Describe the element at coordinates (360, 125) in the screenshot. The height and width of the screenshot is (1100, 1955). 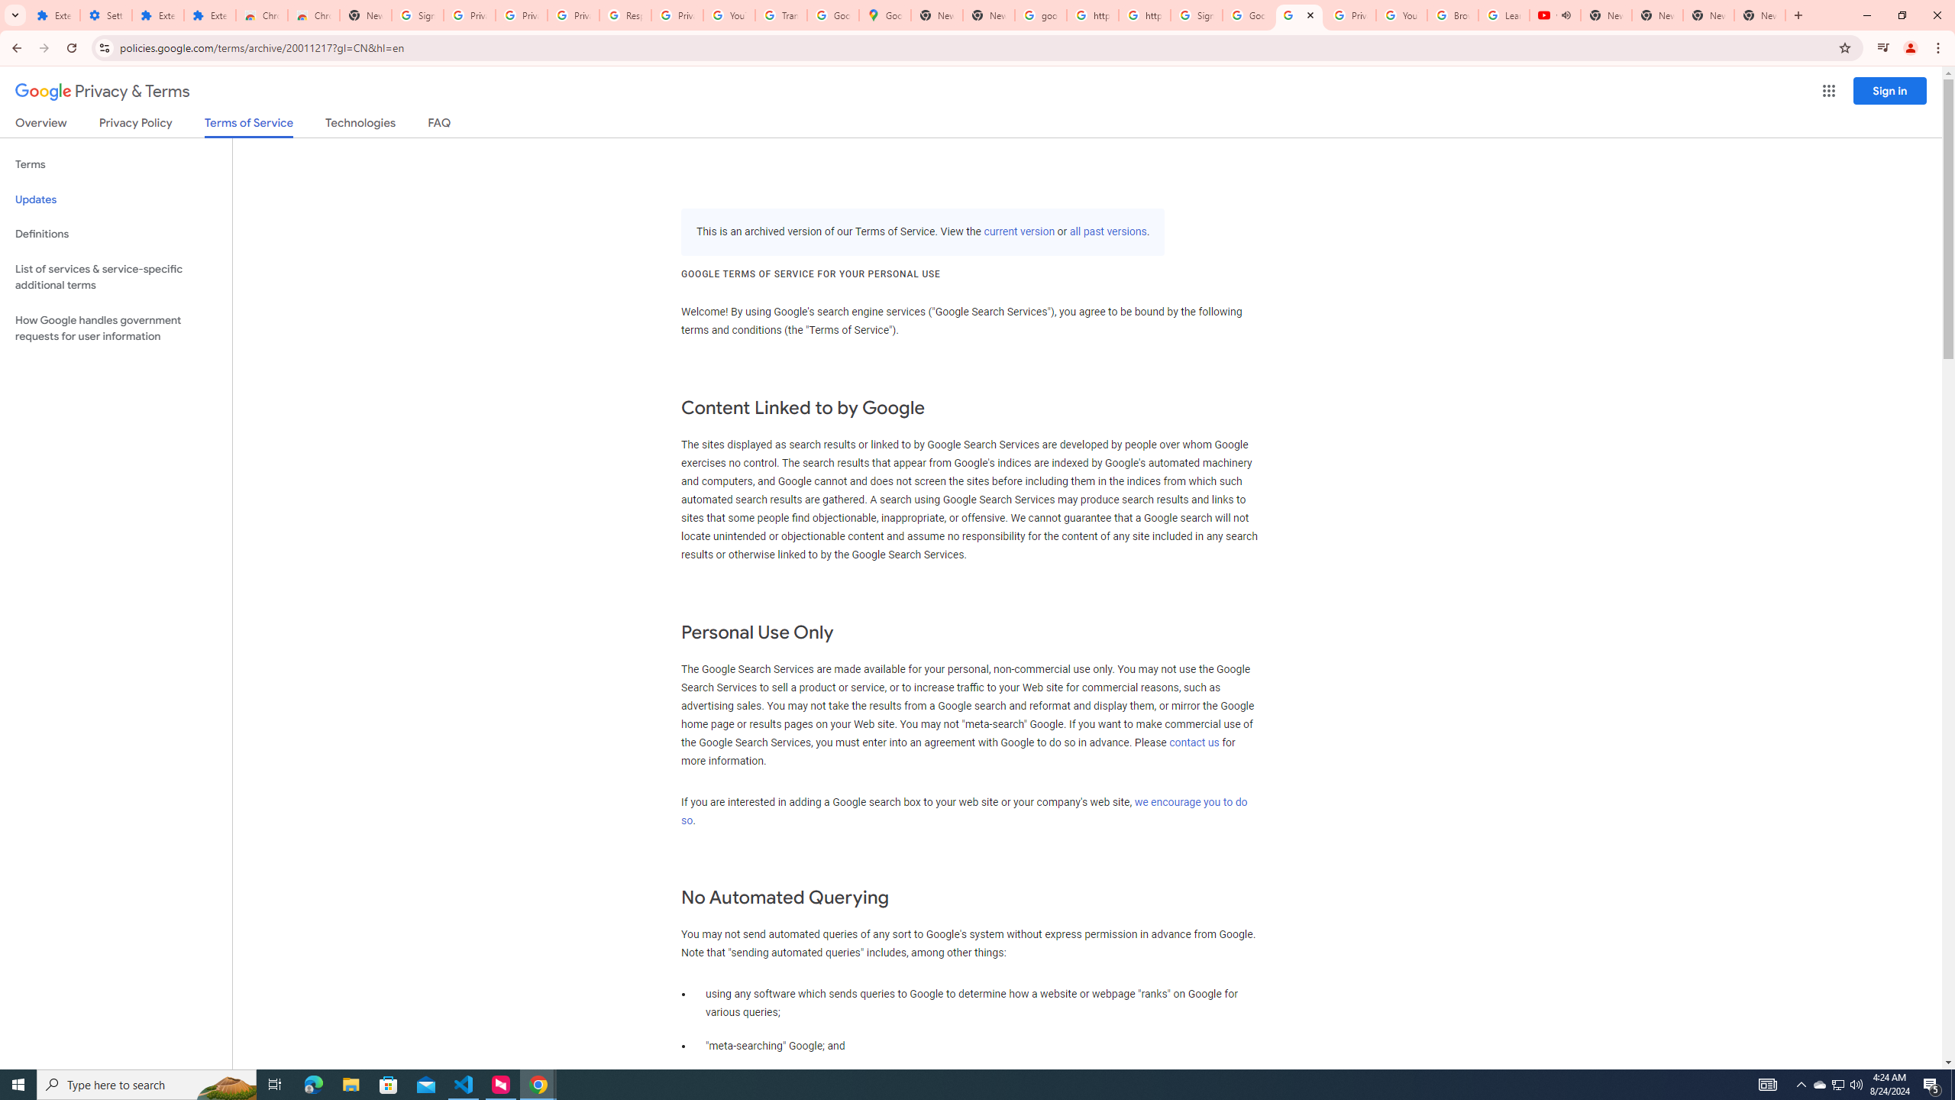
I see `'Technologies'` at that location.